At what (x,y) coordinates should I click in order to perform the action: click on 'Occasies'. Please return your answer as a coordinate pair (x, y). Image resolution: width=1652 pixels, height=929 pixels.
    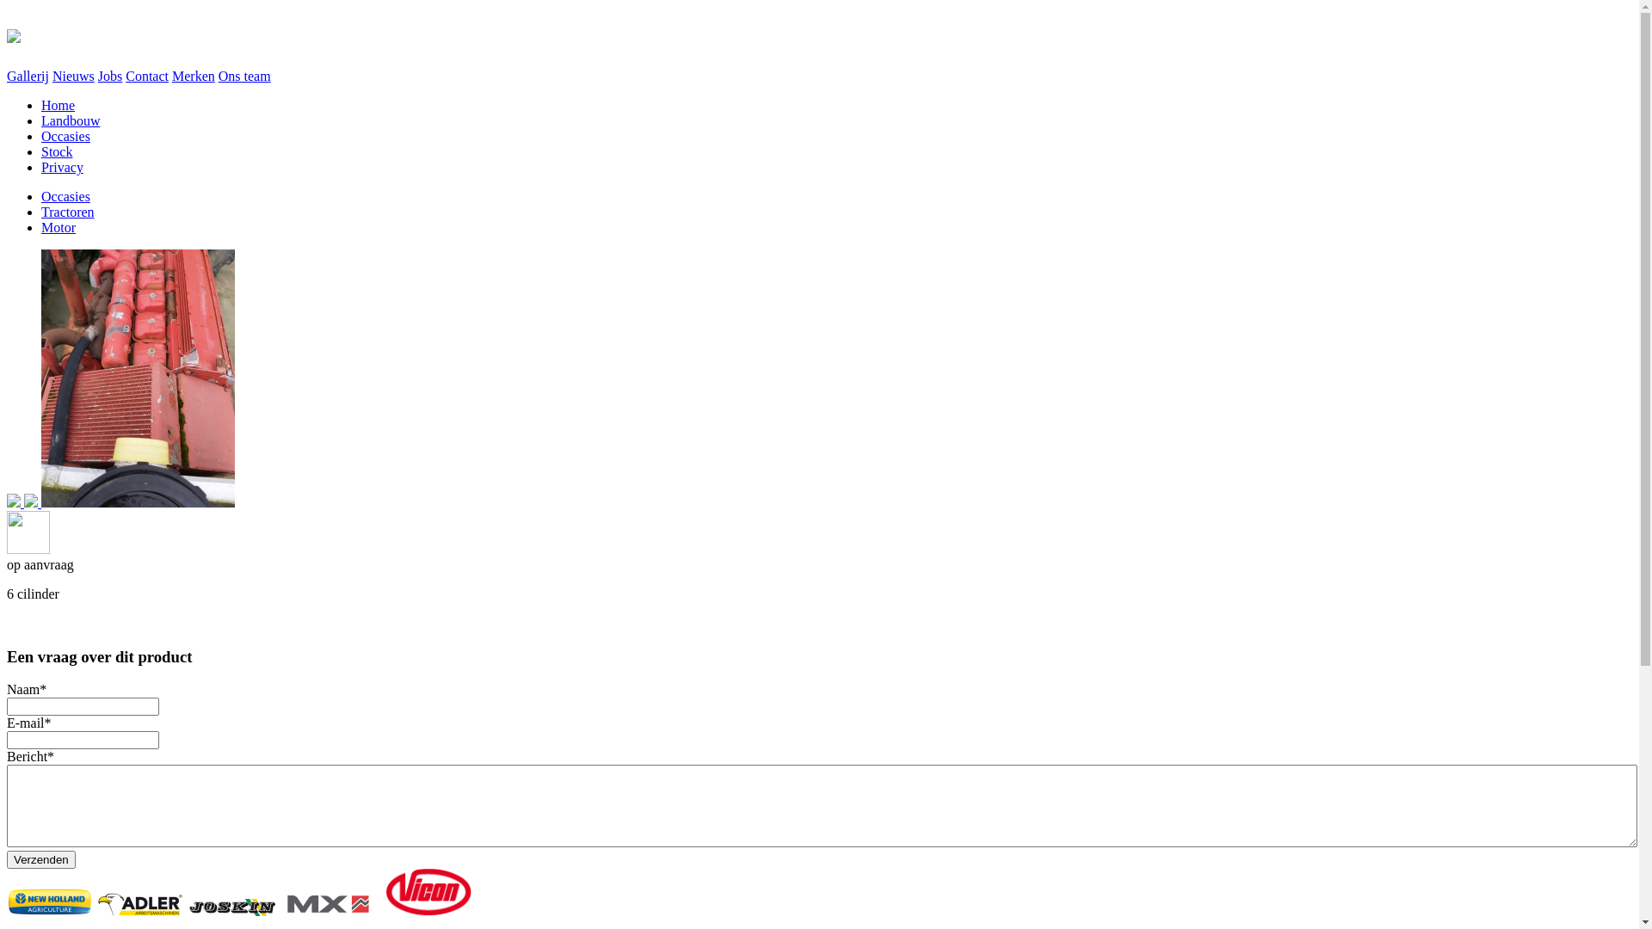
    Looking at the image, I should click on (65, 195).